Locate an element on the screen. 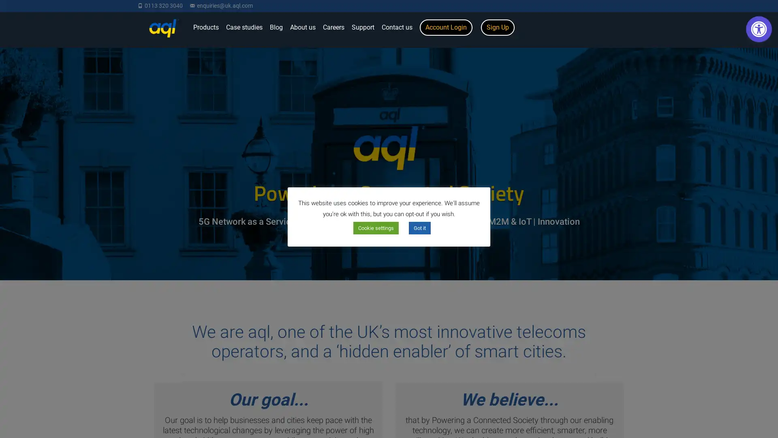  Reading Line is located at coordinates (646, 155).